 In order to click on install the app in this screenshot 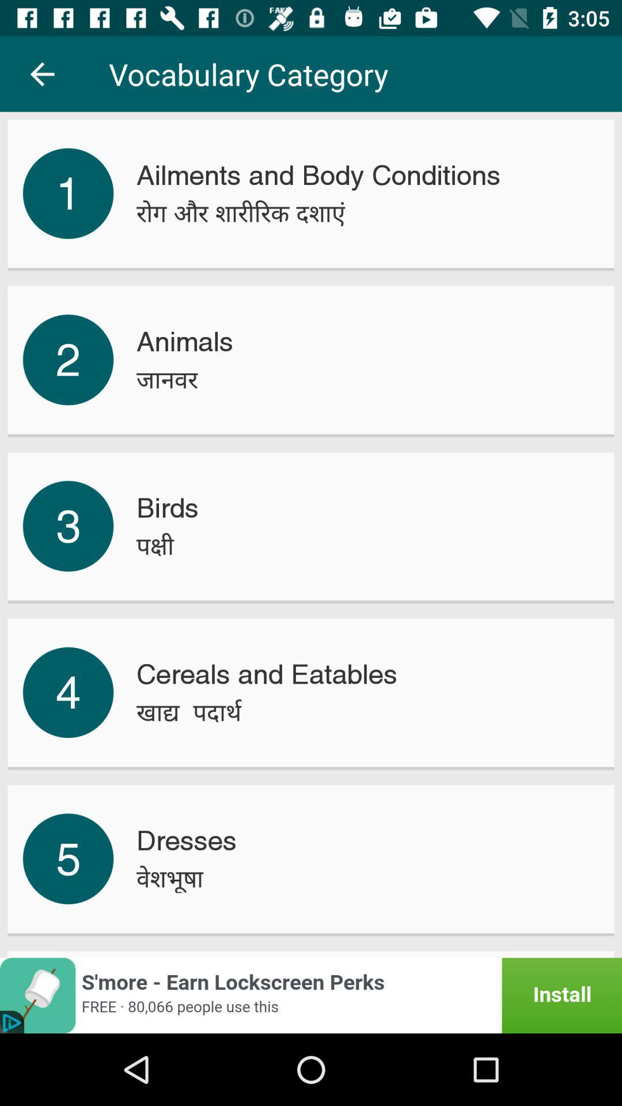, I will do `click(311, 995)`.